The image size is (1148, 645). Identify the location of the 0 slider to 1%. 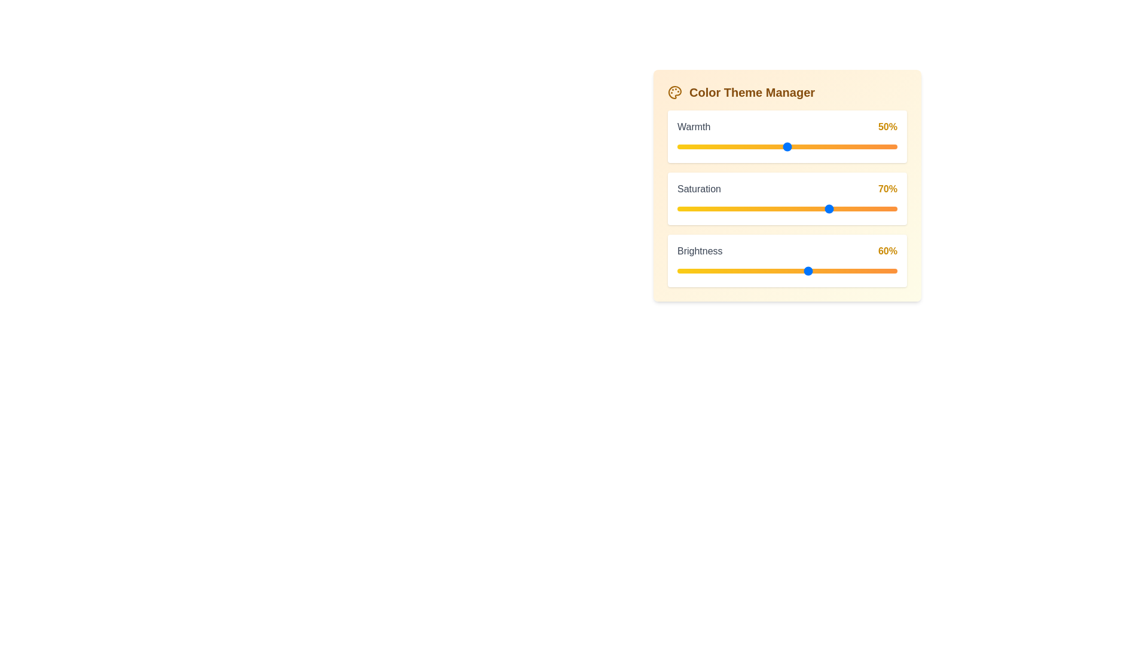
(679, 146).